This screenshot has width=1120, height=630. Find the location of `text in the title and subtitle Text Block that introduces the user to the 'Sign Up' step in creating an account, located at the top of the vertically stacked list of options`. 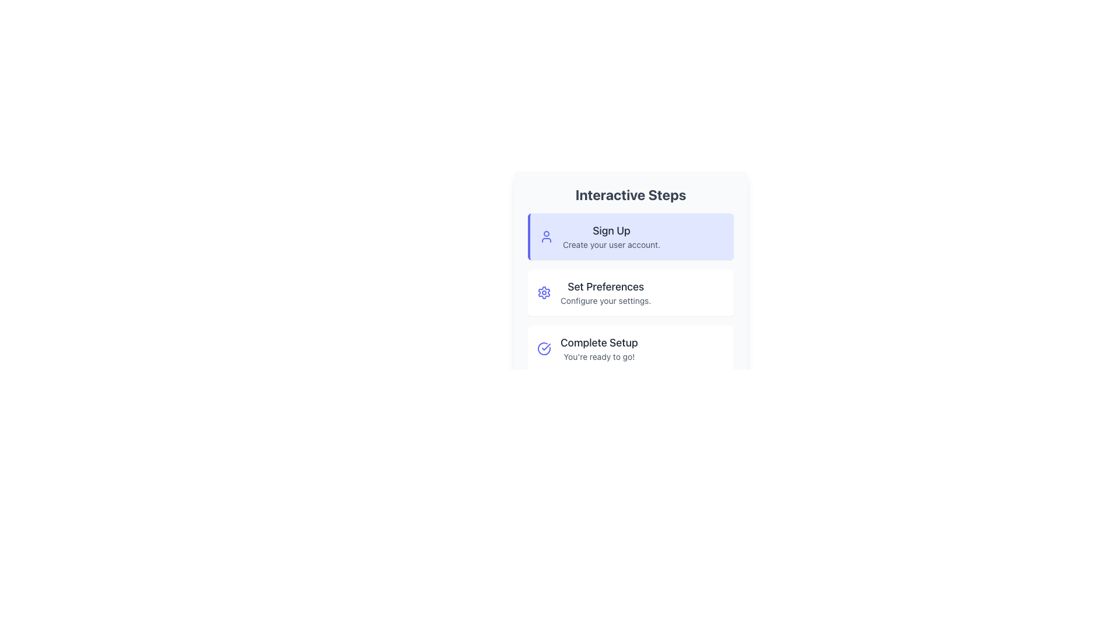

text in the title and subtitle Text Block that introduces the user to the 'Sign Up' step in creating an account, located at the top of the vertically stacked list of options is located at coordinates (611, 236).